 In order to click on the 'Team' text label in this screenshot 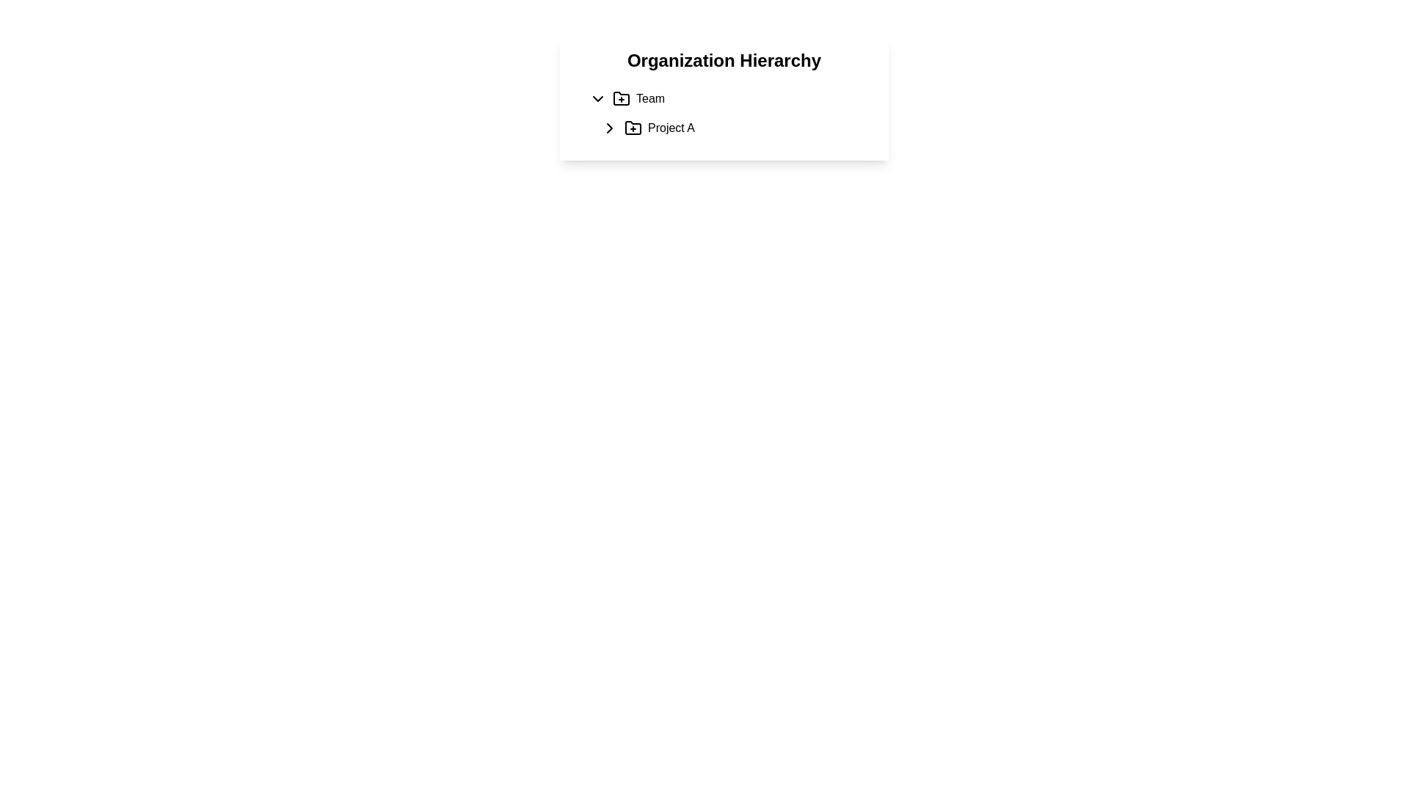, I will do `click(649, 99)`.